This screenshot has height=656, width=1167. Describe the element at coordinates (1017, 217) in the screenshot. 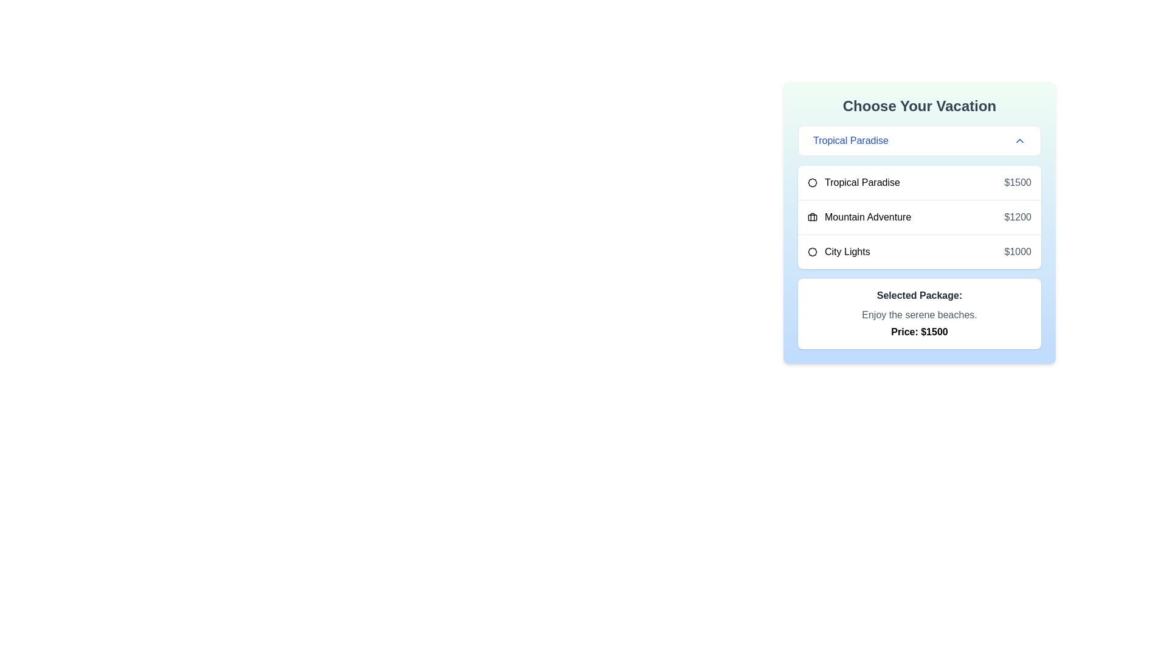

I see `the Text label displaying the amount '$1200' in gray, positioned on the right side of the layout, adjacent to the 'Mountain Adventure' text` at that location.